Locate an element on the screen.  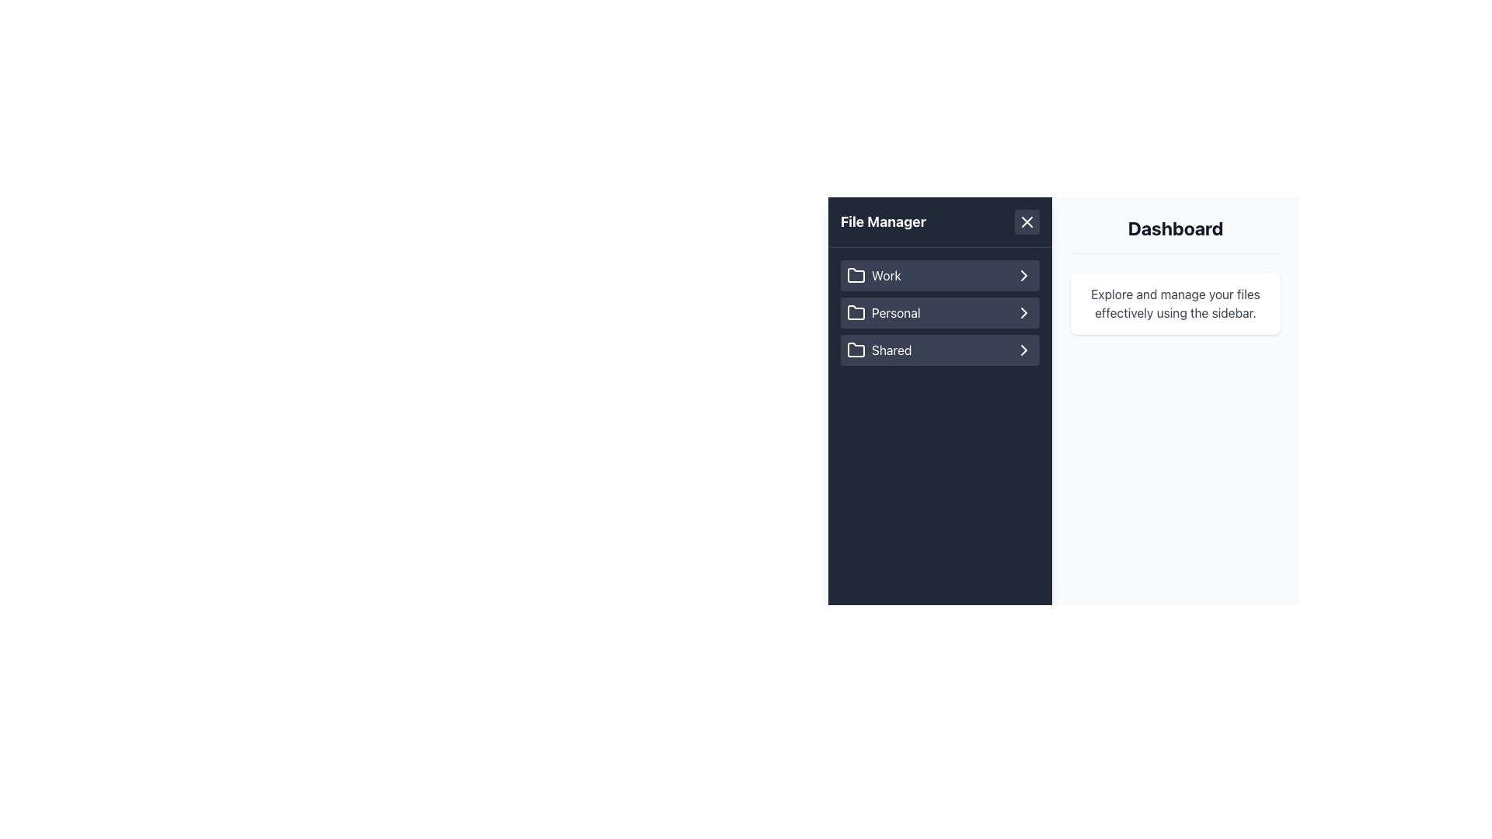
the chevron arrow icon located at the rightmost portion of the 'Work' row in the 'File Manager' sidebar is located at coordinates (1024, 274).